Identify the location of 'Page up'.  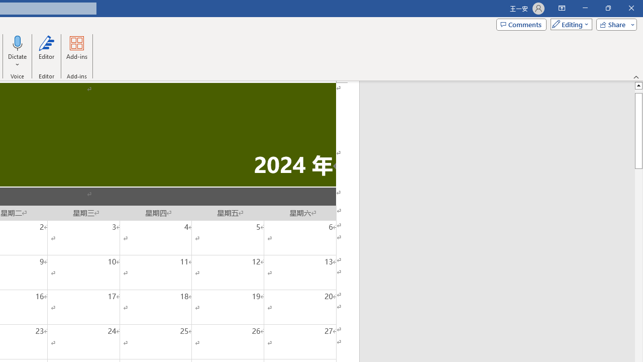
(638, 91).